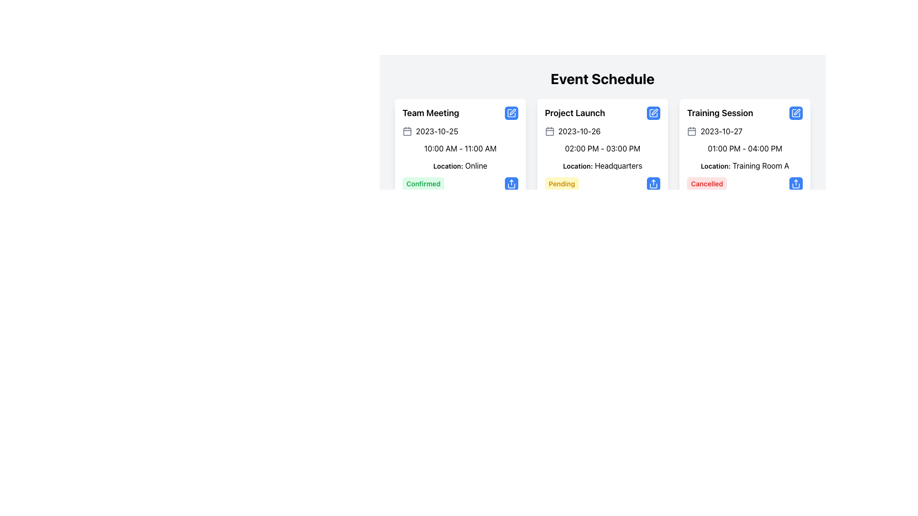  What do you see at coordinates (744, 149) in the screenshot?
I see `the text label indicating the time range for the 'Training Session' event, which is located below the date '2023-10-27' and above the location 'Location: Training Room A'` at bounding box center [744, 149].